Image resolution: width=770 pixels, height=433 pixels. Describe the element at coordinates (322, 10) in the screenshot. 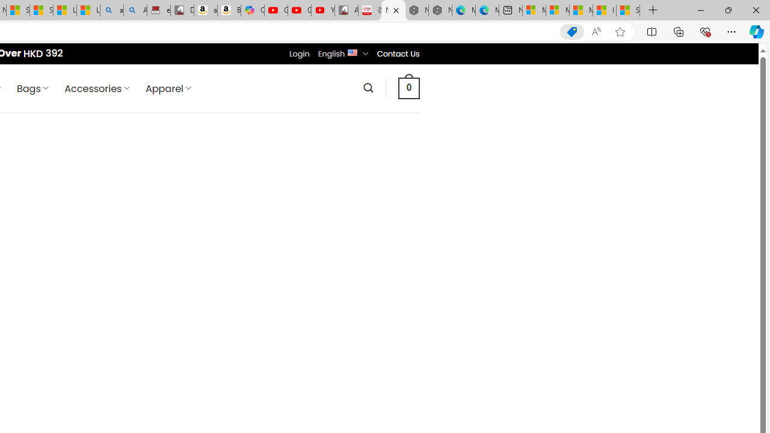

I see `'YouTube Kids - An App Created for Kids to Explore Content'` at that location.